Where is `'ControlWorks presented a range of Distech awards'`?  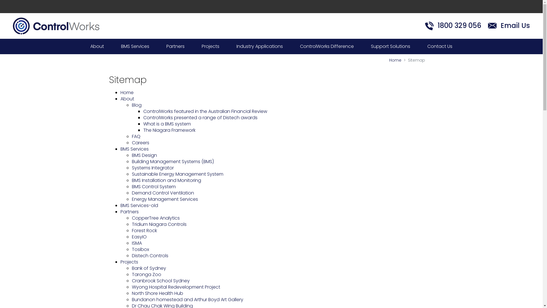
'ControlWorks presented a range of Distech awards' is located at coordinates (200, 117).